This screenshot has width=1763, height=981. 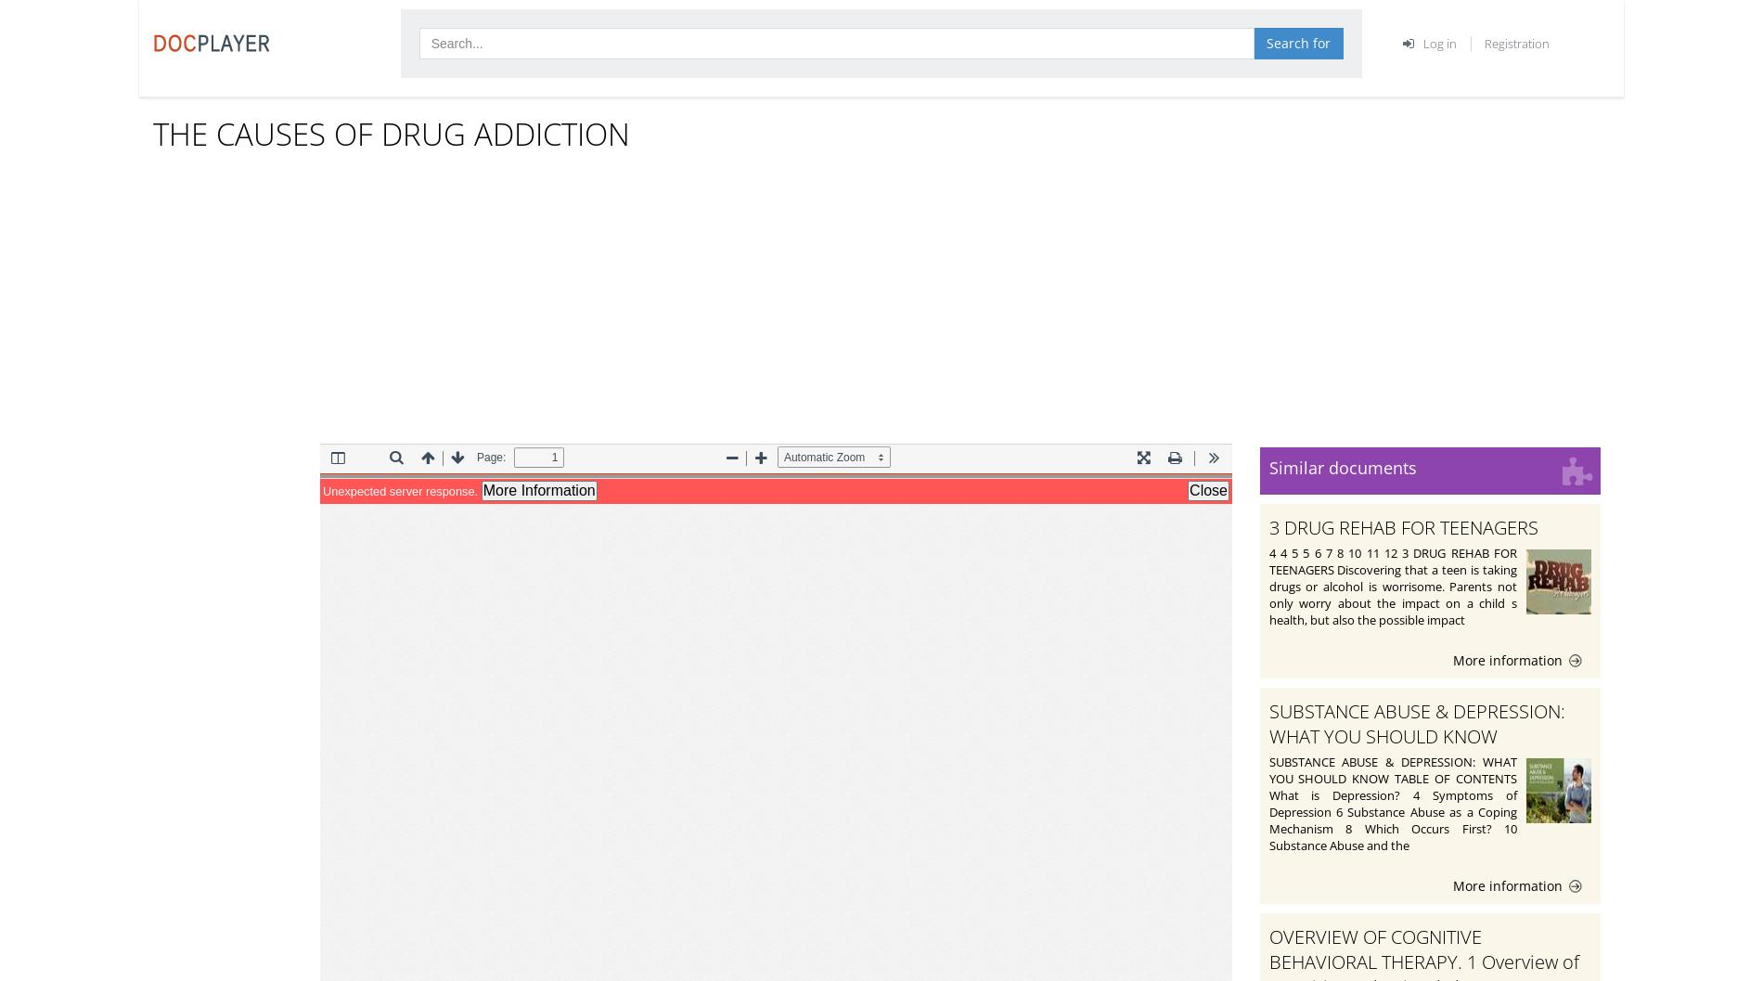 I want to click on '3 DRUG REHAB FOR TEENAGERS', so click(x=1268, y=525).